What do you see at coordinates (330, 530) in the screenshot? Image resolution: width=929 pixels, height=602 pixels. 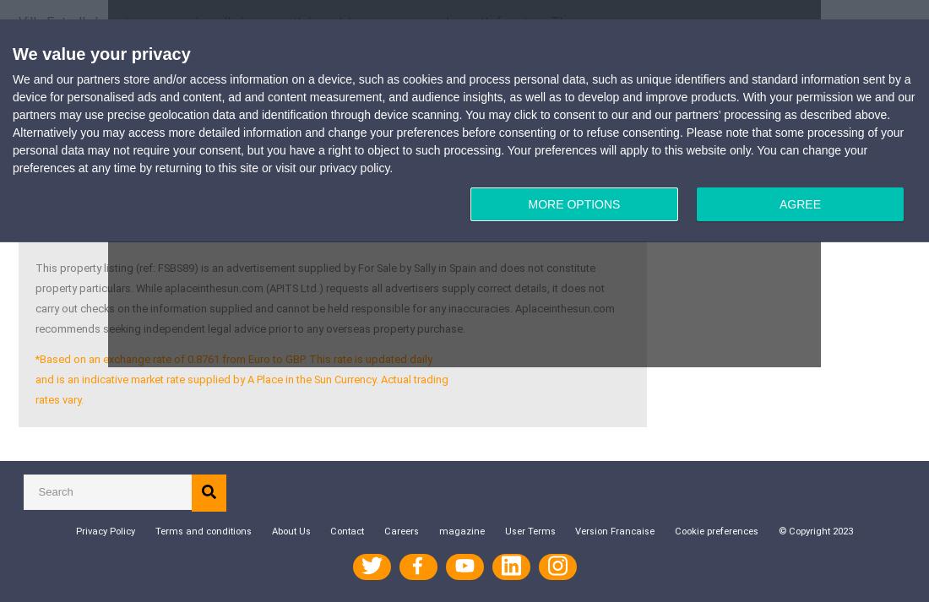 I see `'Contact'` at bounding box center [330, 530].